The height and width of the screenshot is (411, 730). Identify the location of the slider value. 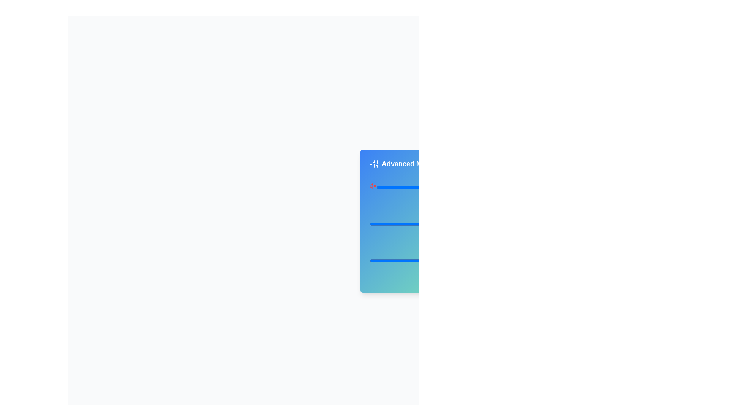
(482, 185).